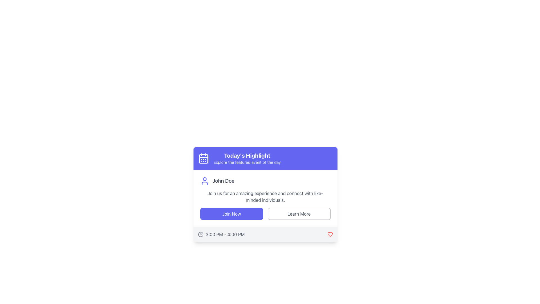 This screenshot has width=540, height=304. I want to click on the text label displaying the time range '3:00 PM - 4:00 PM' located at the bottom right of a card UI component, so click(225, 234).